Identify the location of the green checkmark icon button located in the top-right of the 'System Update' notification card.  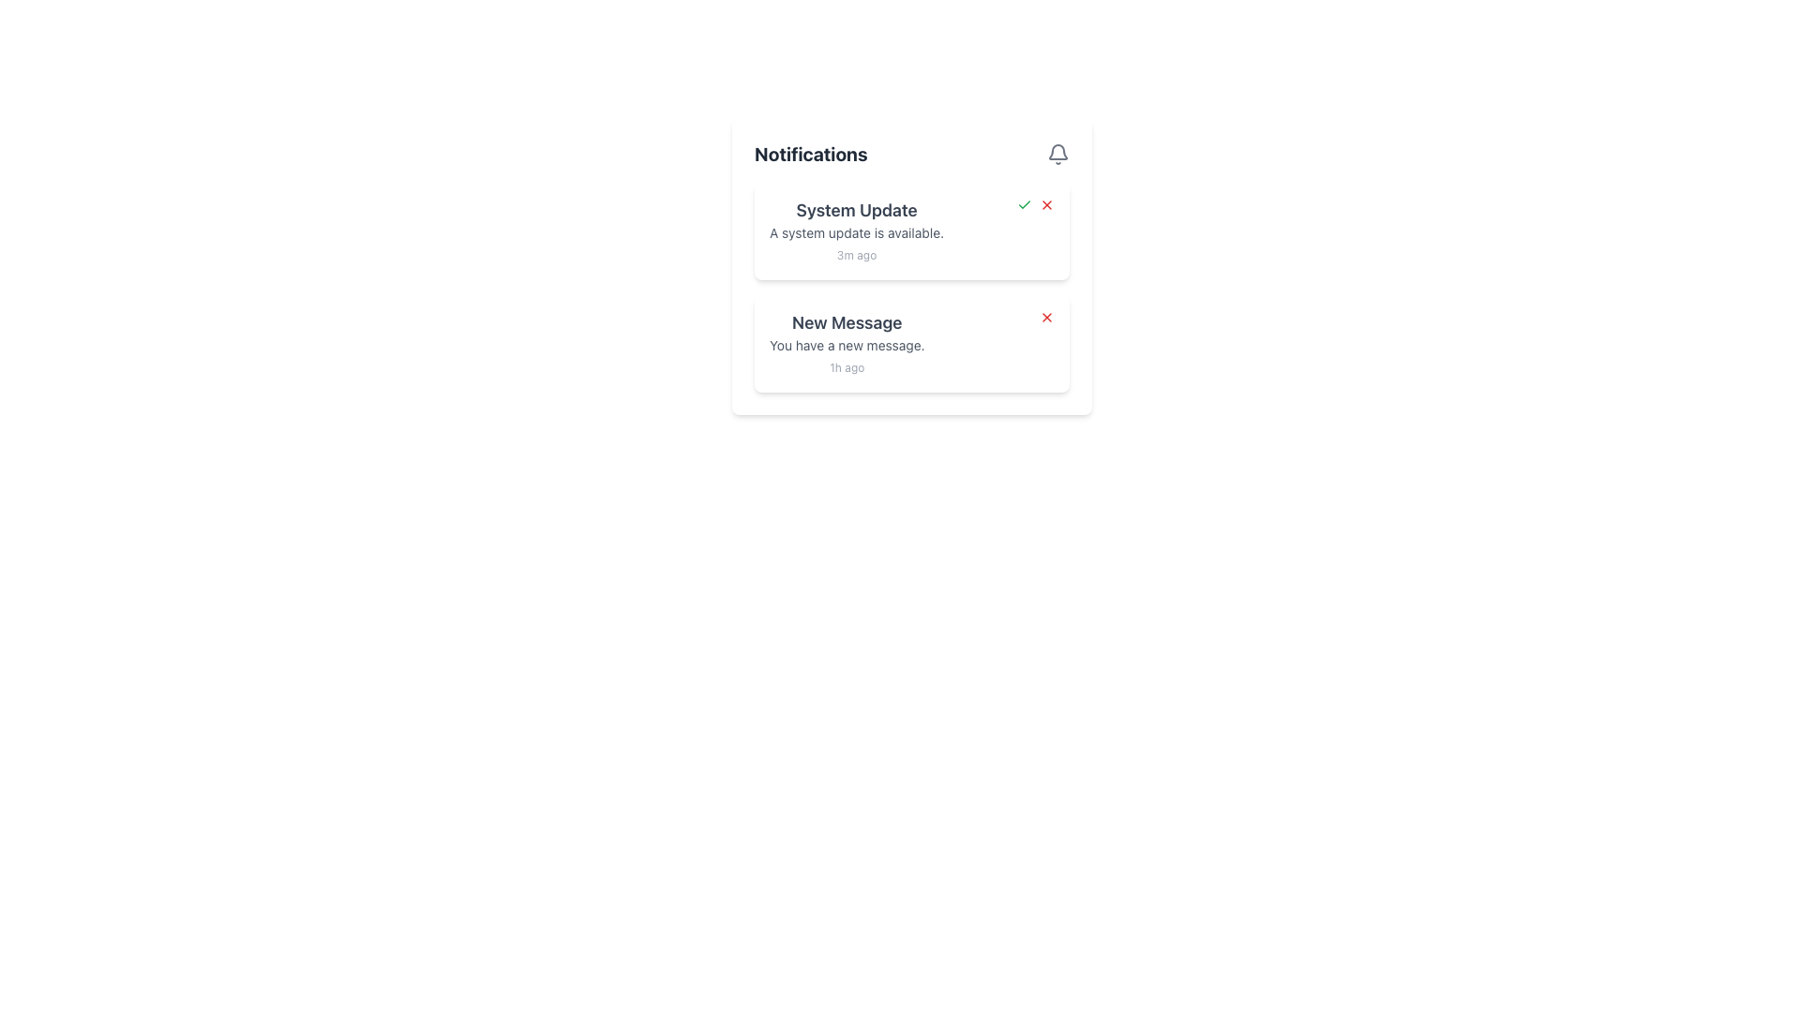
(1024, 205).